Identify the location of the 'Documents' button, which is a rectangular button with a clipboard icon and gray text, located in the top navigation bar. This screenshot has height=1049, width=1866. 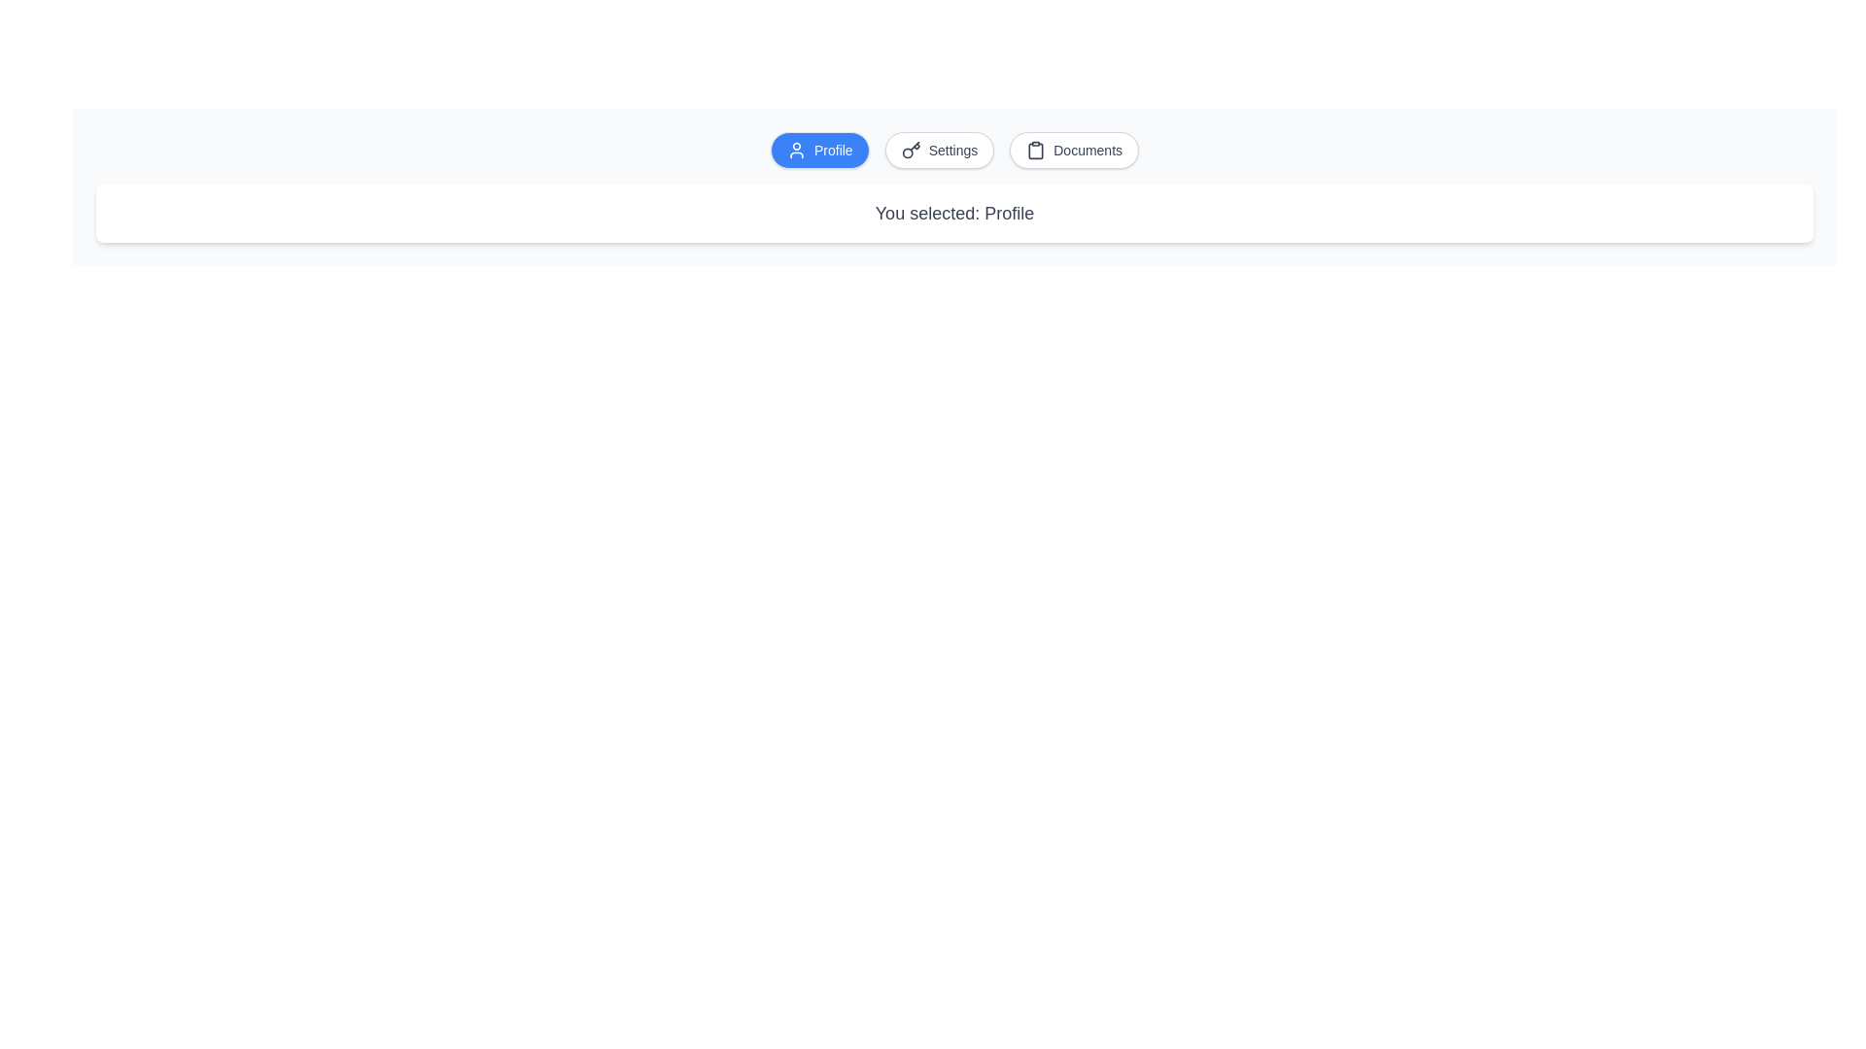
(1073, 149).